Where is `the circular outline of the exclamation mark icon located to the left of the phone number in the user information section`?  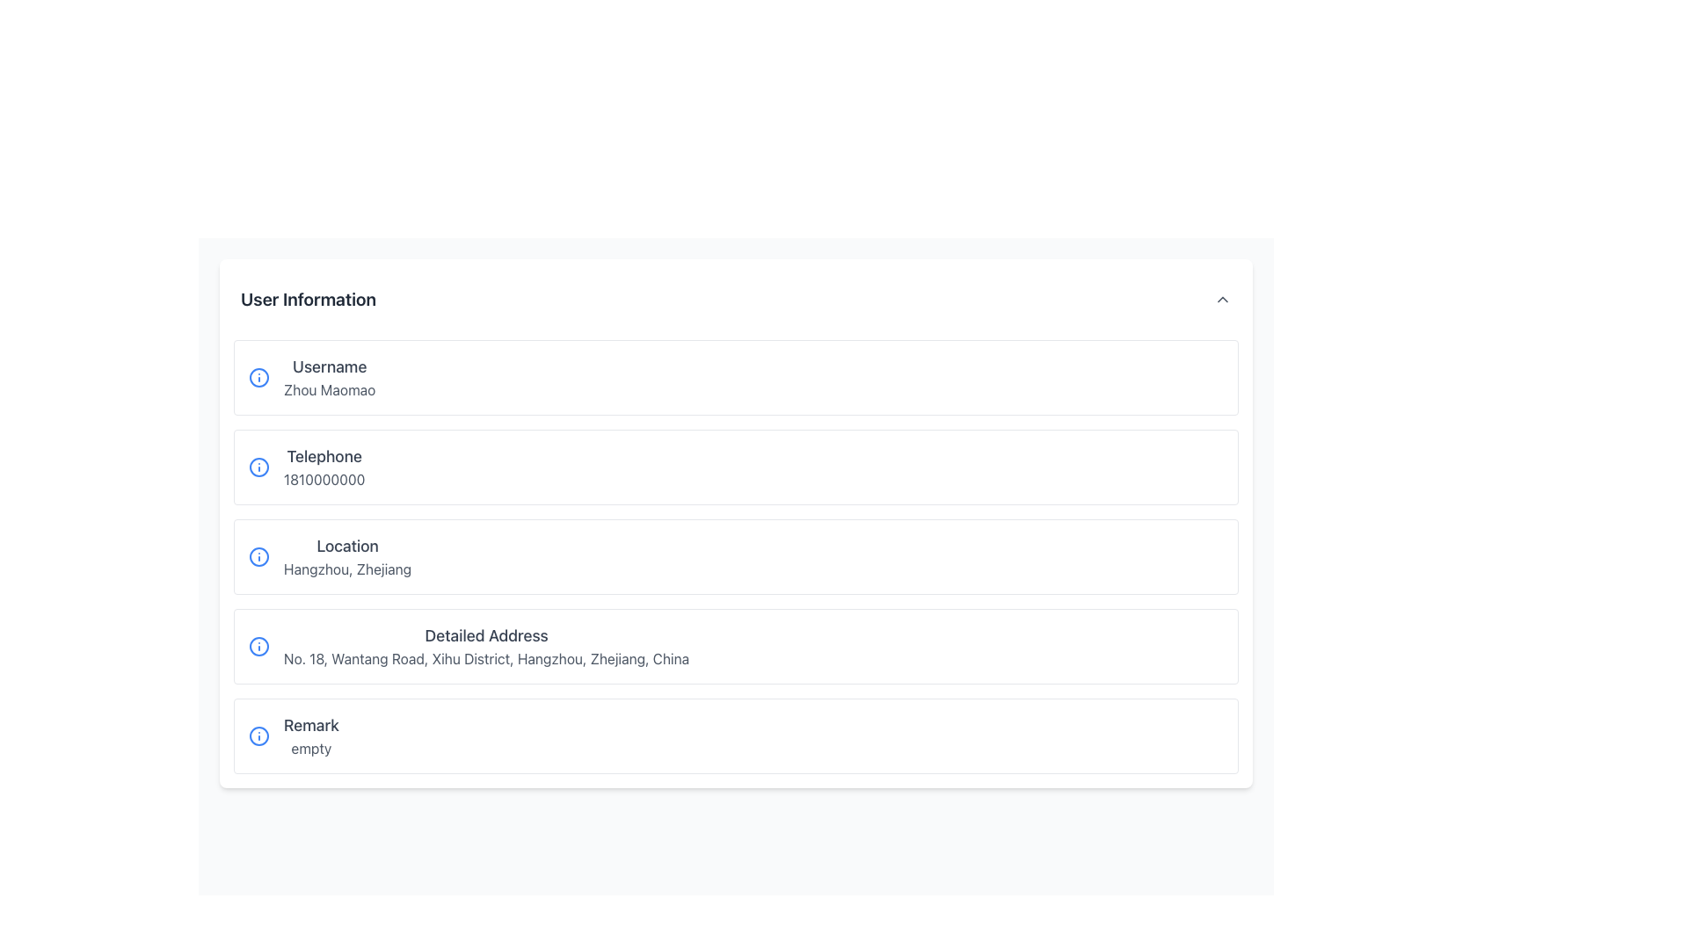
the circular outline of the exclamation mark icon located to the left of the phone number in the user information section is located at coordinates (258, 467).